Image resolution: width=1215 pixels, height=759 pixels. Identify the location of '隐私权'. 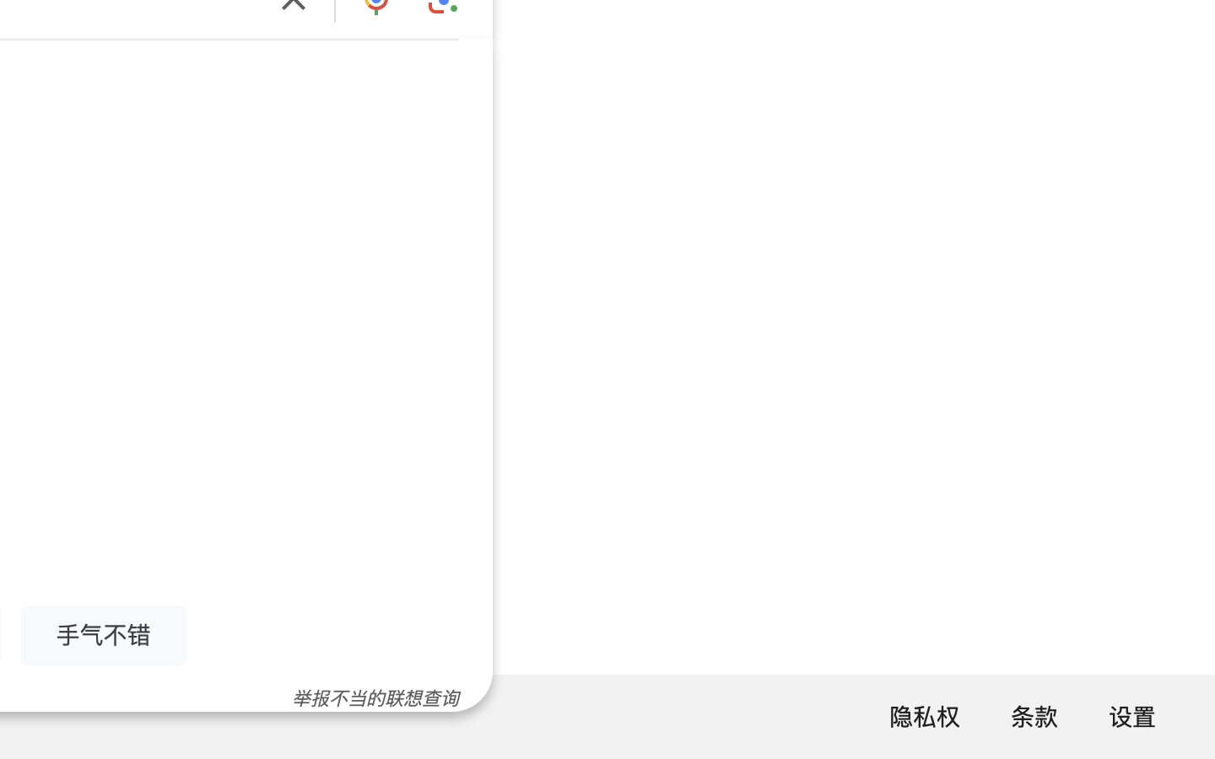
(923, 716).